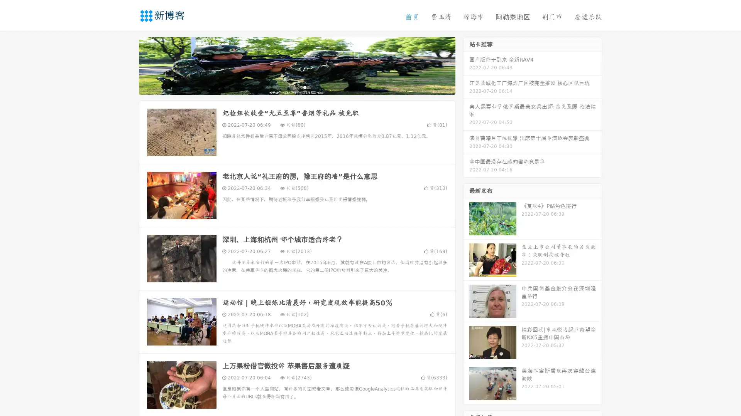 The image size is (741, 416). I want to click on Go to slide 2, so click(296, 87).